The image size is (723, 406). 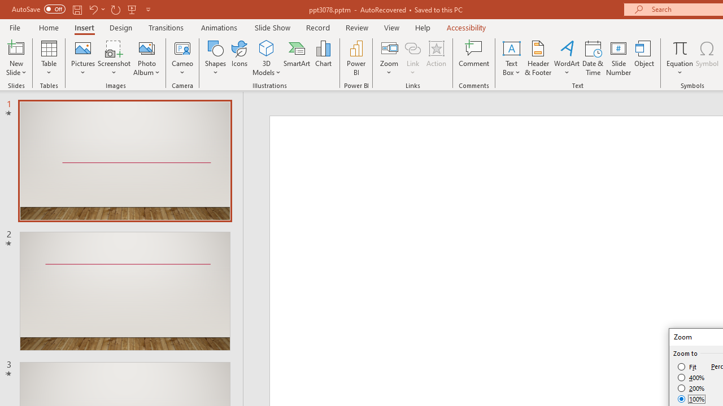 What do you see at coordinates (707, 58) in the screenshot?
I see `'Symbol...'` at bounding box center [707, 58].